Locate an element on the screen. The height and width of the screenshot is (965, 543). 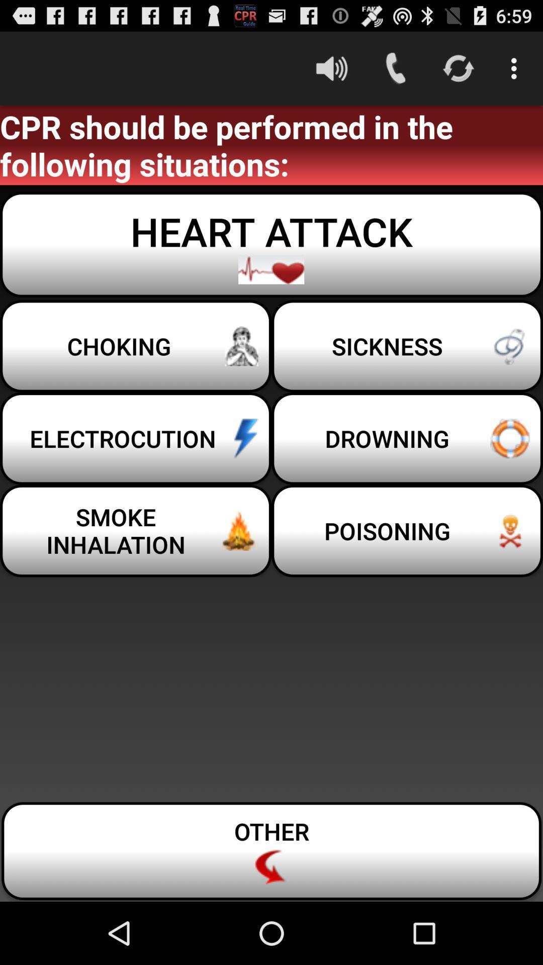
the icon below the electrocution is located at coordinates (407, 530).